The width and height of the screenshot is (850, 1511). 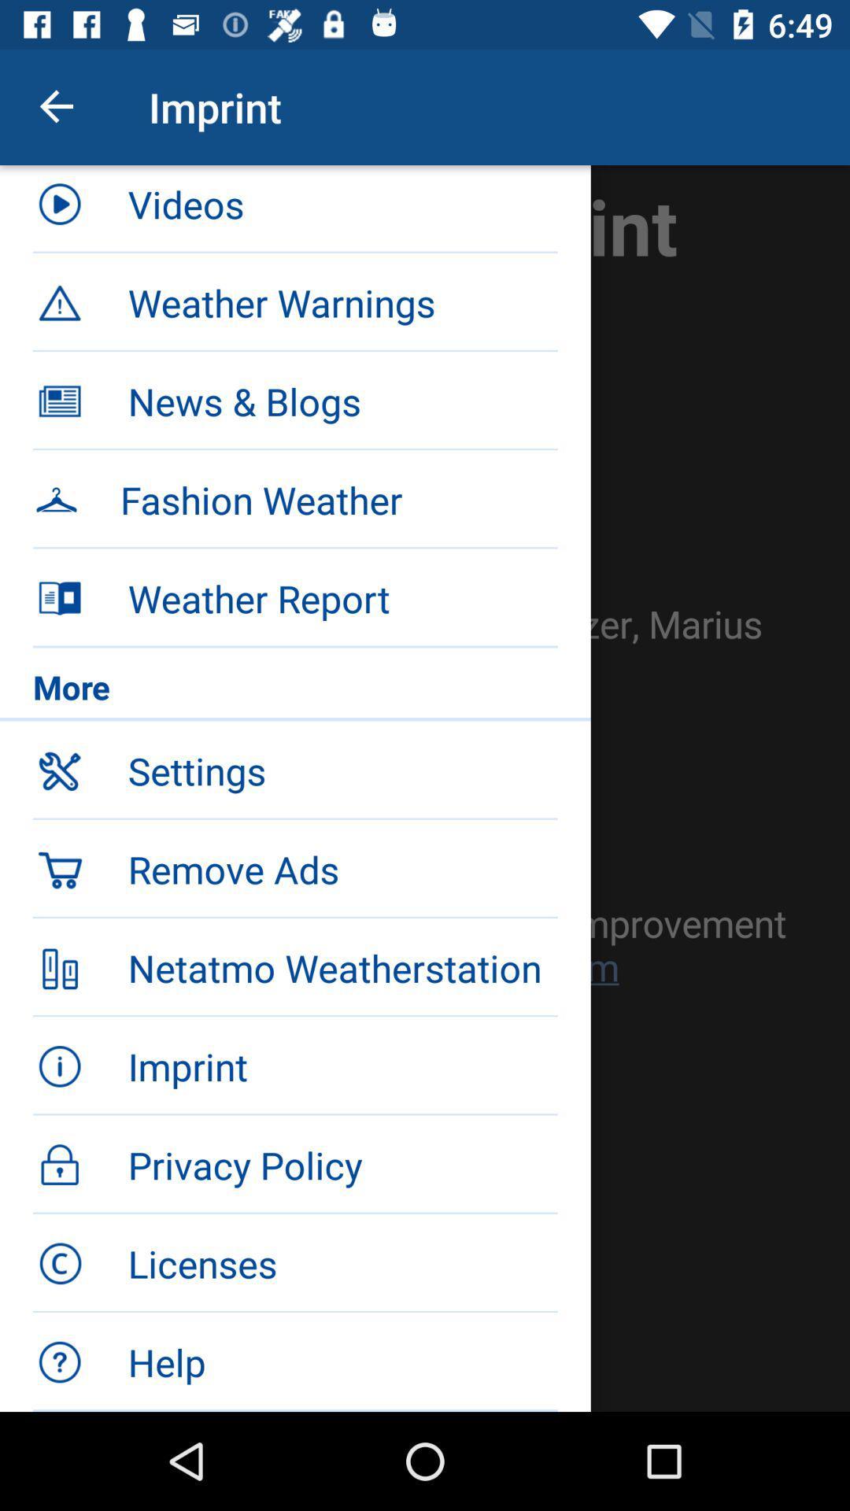 What do you see at coordinates (295, 691) in the screenshot?
I see `item below the weather report icon` at bounding box center [295, 691].